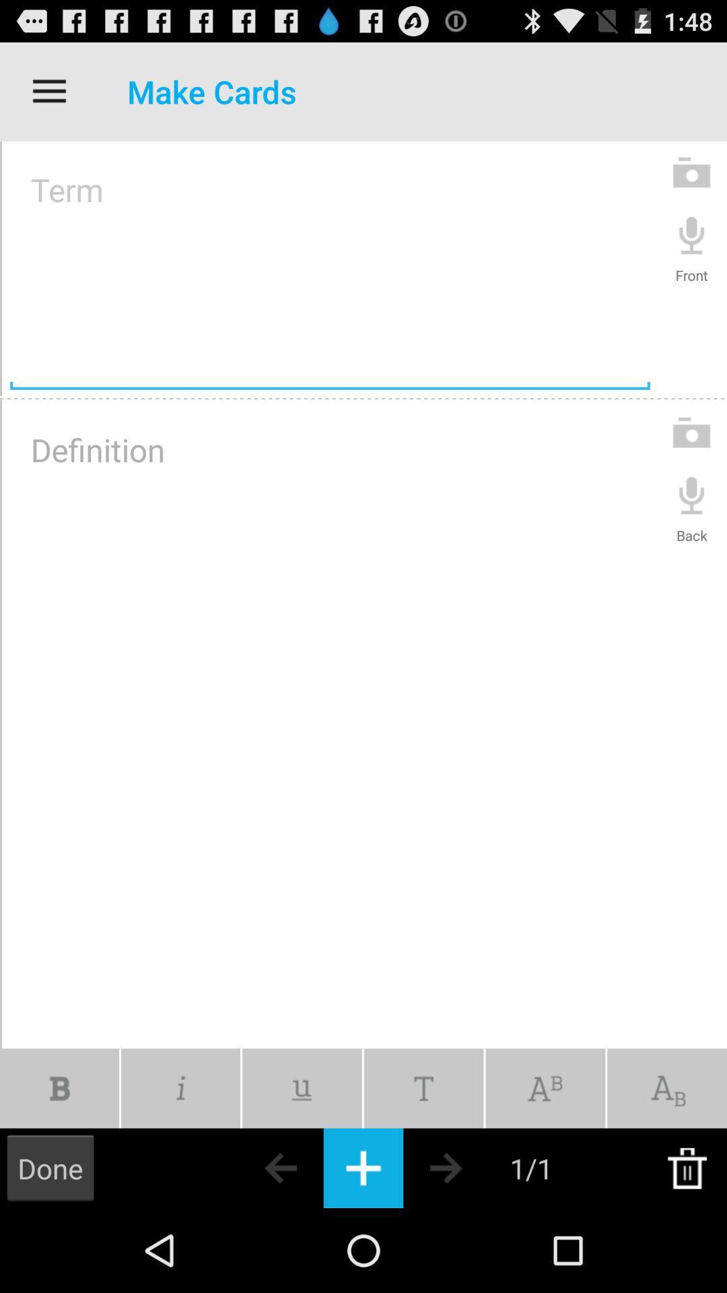 This screenshot has height=1293, width=727. I want to click on make cards term, so click(330, 268).